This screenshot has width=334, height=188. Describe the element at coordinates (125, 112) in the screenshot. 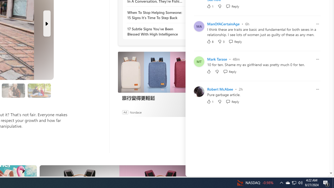

I see `'Ad'` at that location.